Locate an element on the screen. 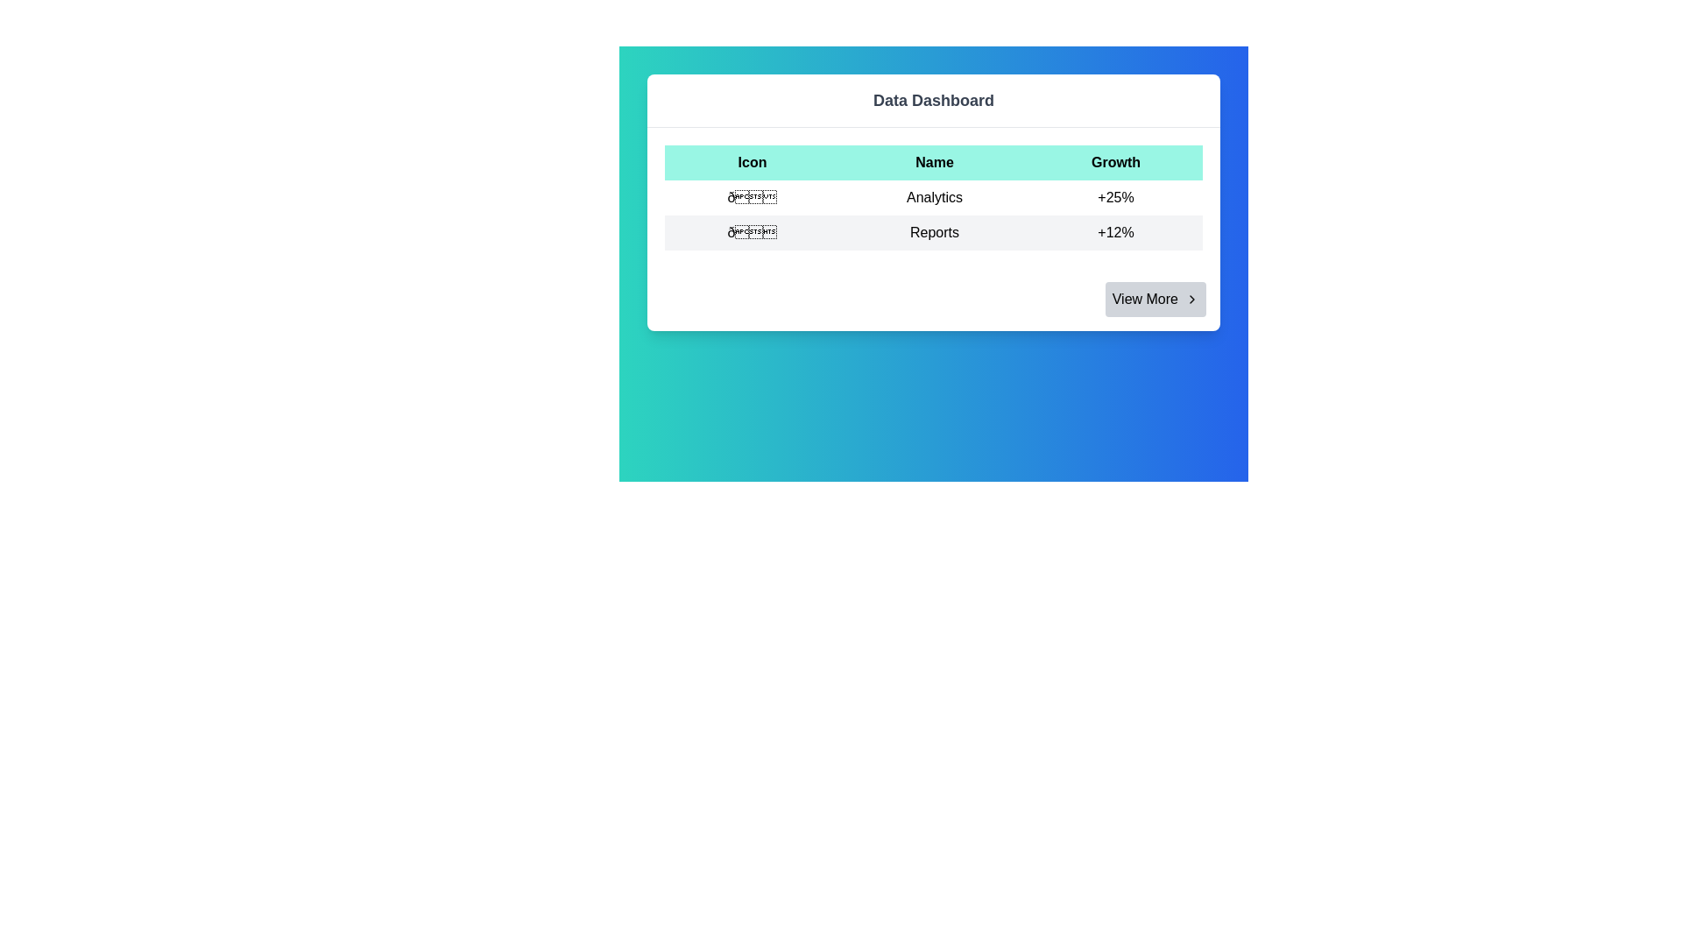 The image size is (1682, 946). the text label displaying 'Name' in bold black text on a light cyan background, which is the second header in a row of three, positioned between 'Icon' and 'Growth' is located at coordinates (933, 162).